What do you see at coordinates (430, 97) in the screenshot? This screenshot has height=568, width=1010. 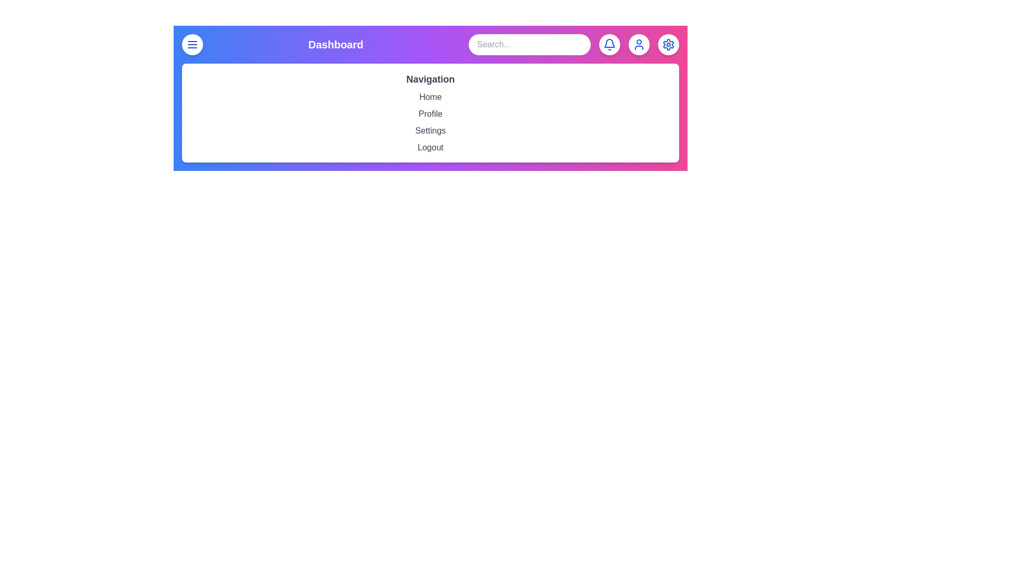 I see `the Home navigation menu item` at bounding box center [430, 97].